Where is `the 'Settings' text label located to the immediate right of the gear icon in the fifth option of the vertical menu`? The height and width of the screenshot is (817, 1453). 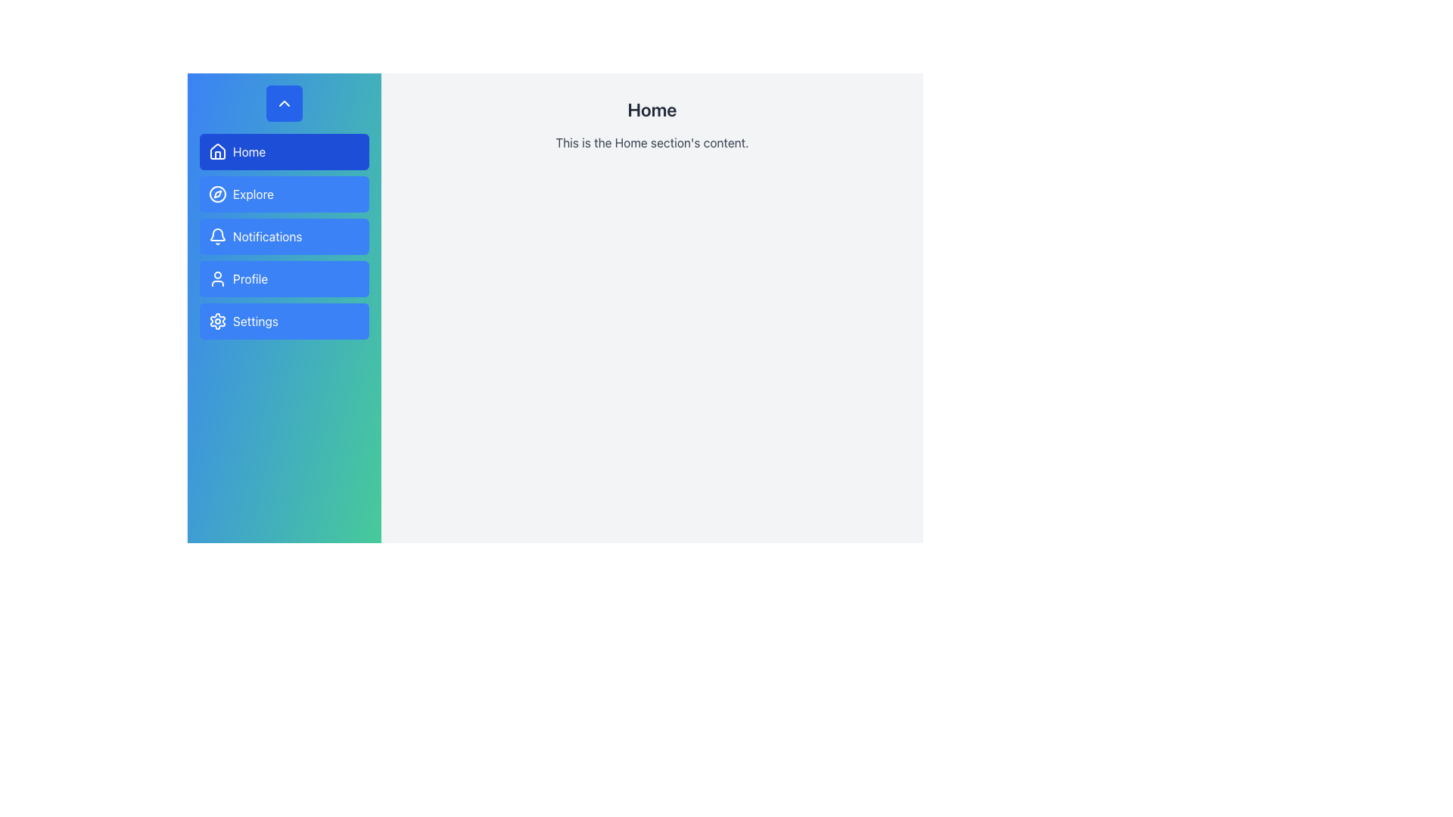 the 'Settings' text label located to the immediate right of the gear icon in the fifth option of the vertical menu is located at coordinates (255, 320).